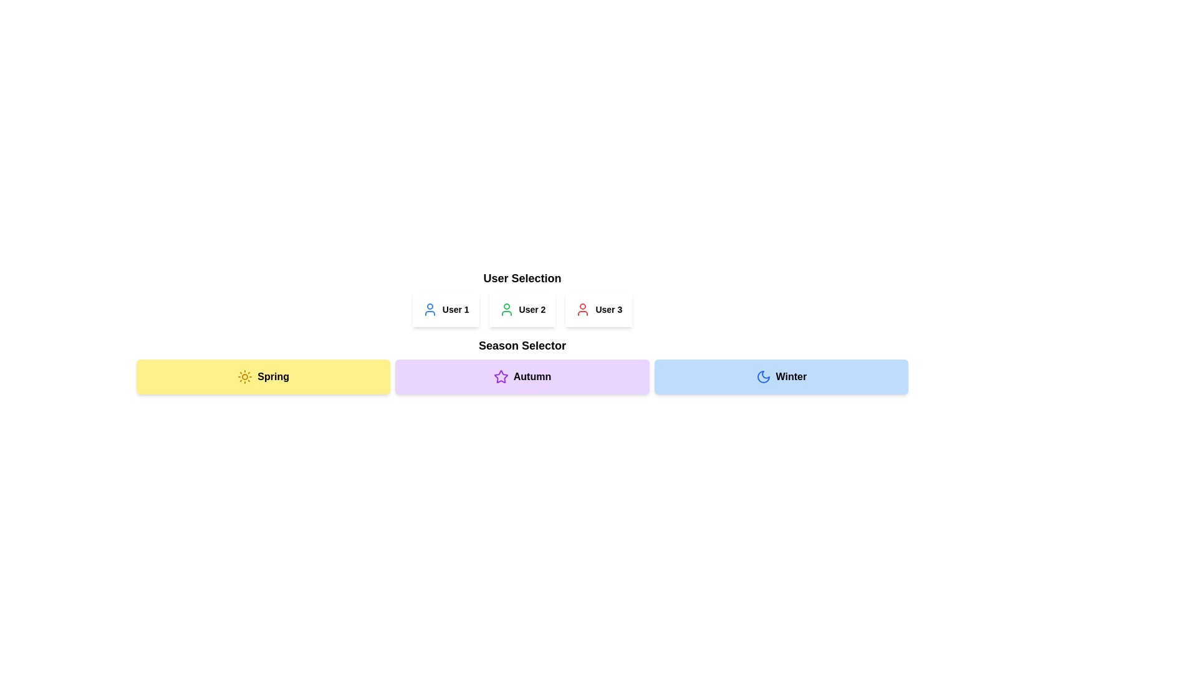  What do you see at coordinates (501, 376) in the screenshot?
I see `the decorative icon representing the 'Autumn' section within the Season Selector components, positioned at the leftmost part of this section` at bounding box center [501, 376].